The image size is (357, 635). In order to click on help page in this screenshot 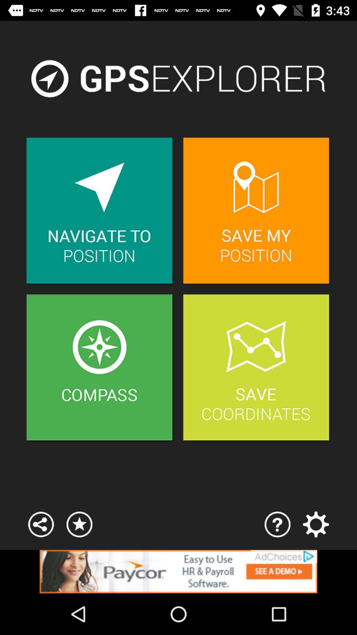, I will do `click(277, 524)`.